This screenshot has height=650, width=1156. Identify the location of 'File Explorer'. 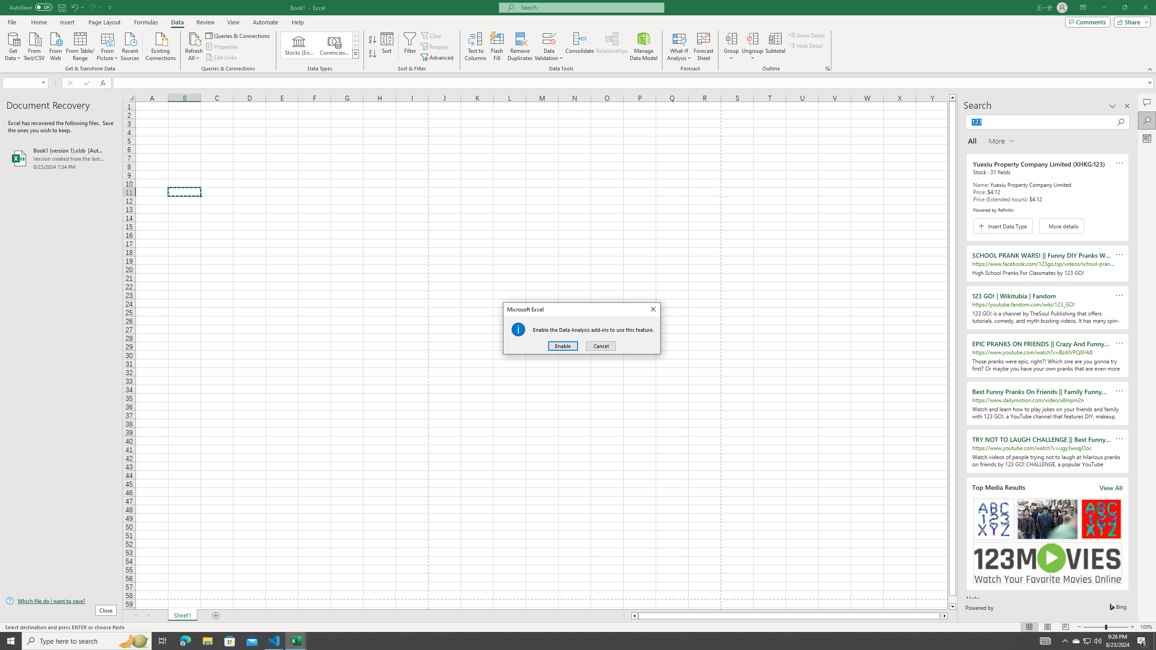
(207, 640).